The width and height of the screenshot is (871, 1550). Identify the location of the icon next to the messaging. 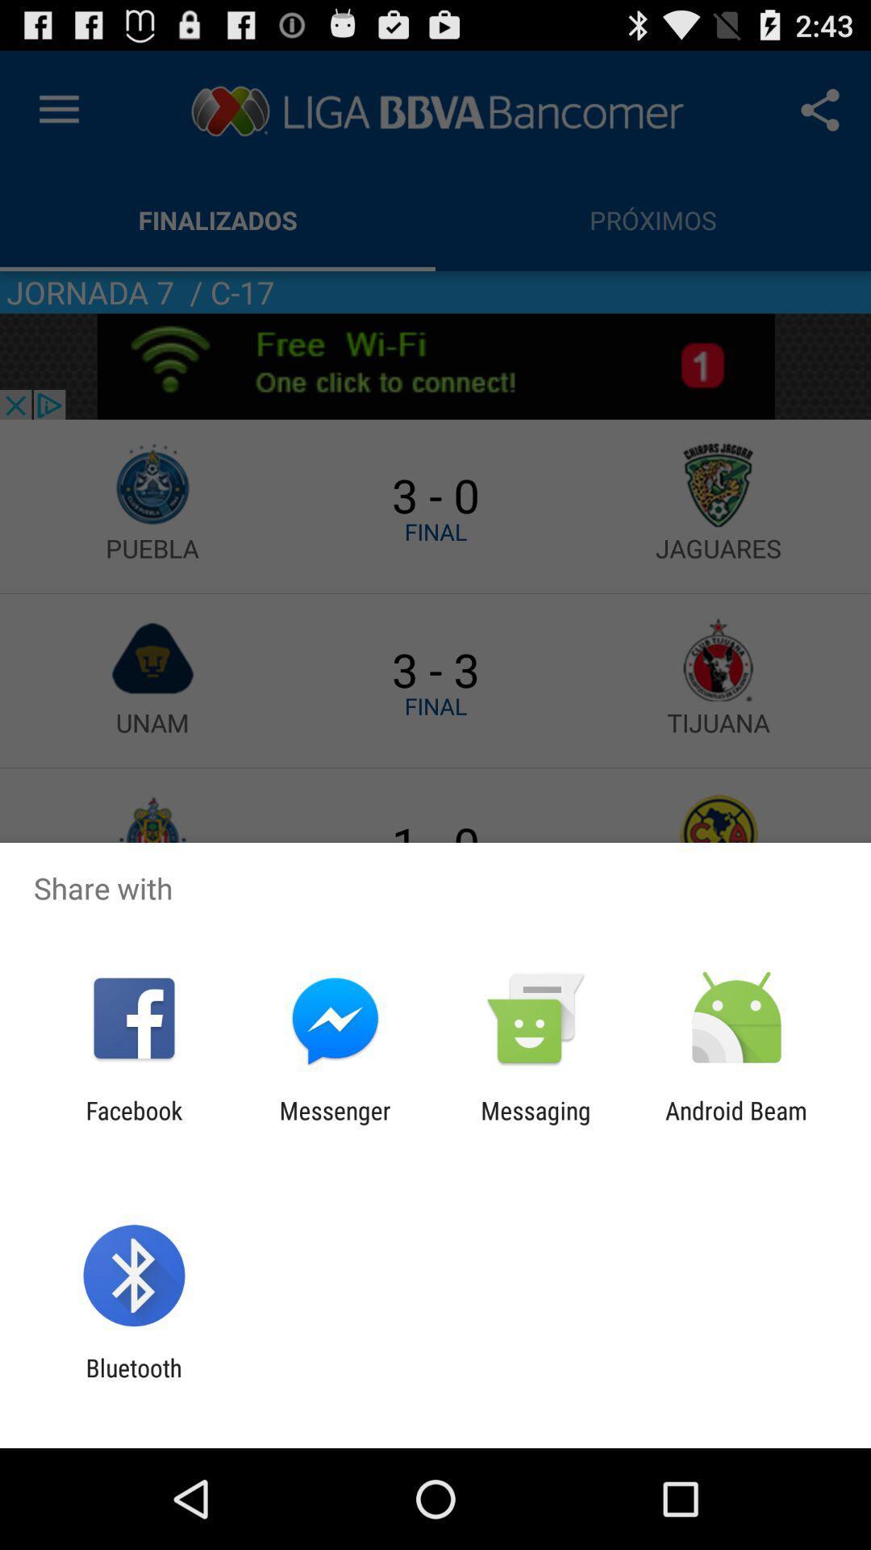
(334, 1124).